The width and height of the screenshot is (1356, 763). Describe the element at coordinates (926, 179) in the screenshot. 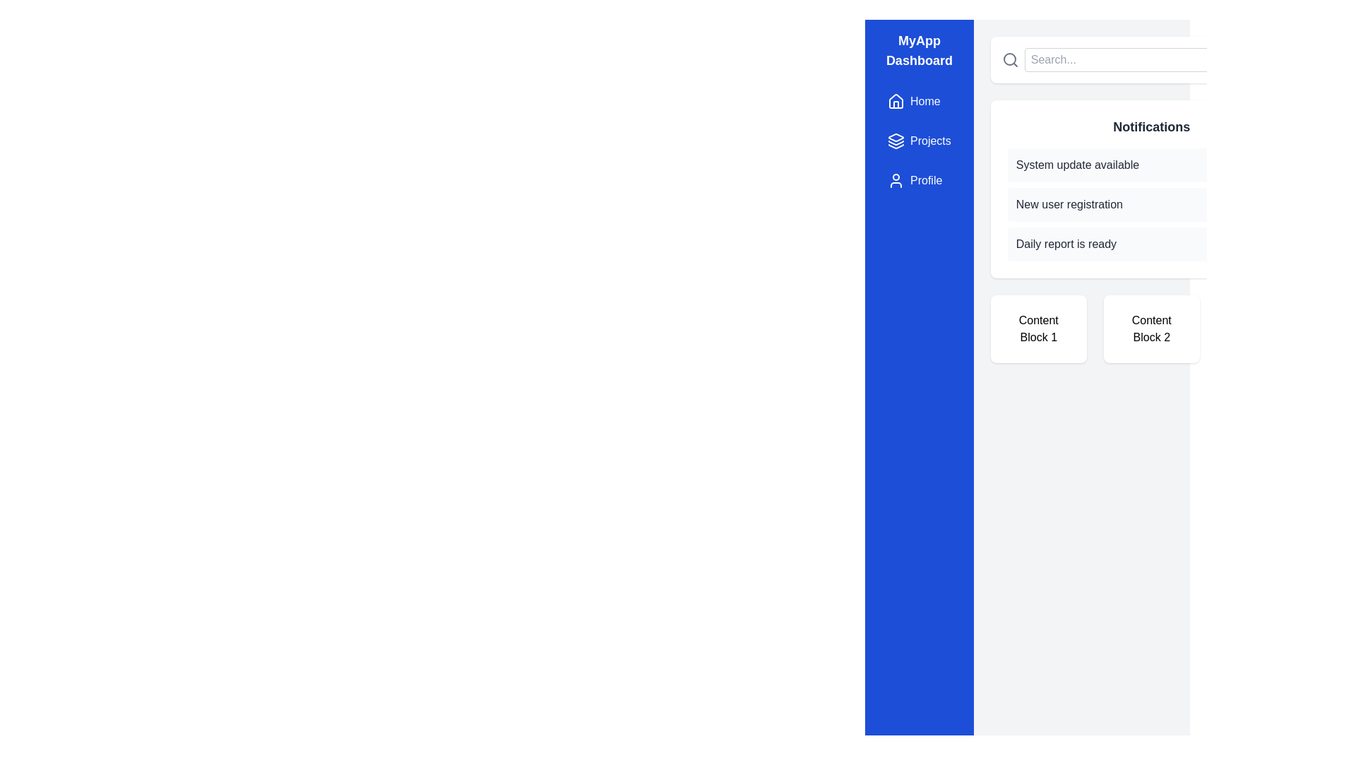

I see `the 'Profile' navigational label in the vertical navigation menu` at that location.